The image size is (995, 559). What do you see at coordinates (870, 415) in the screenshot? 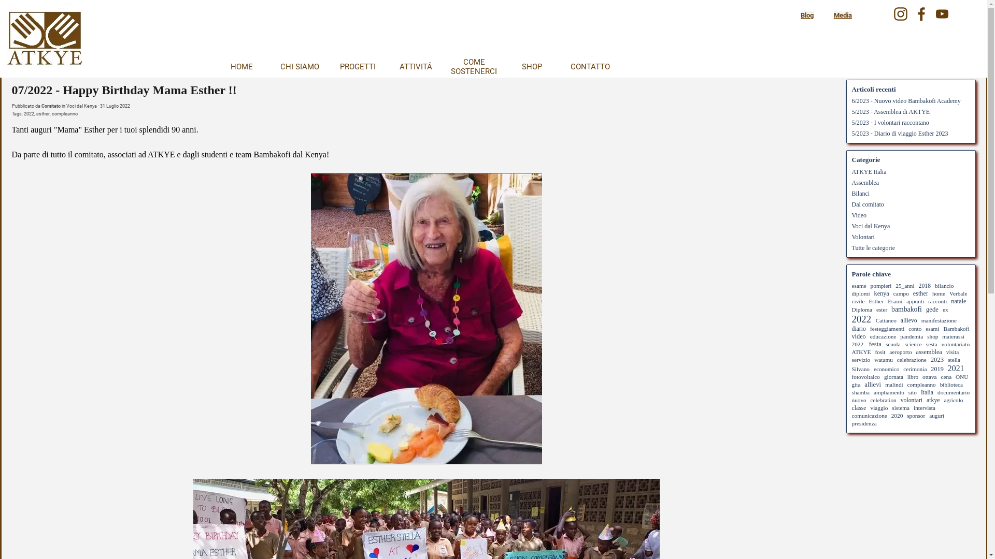
I see `'comunicazione'` at bounding box center [870, 415].